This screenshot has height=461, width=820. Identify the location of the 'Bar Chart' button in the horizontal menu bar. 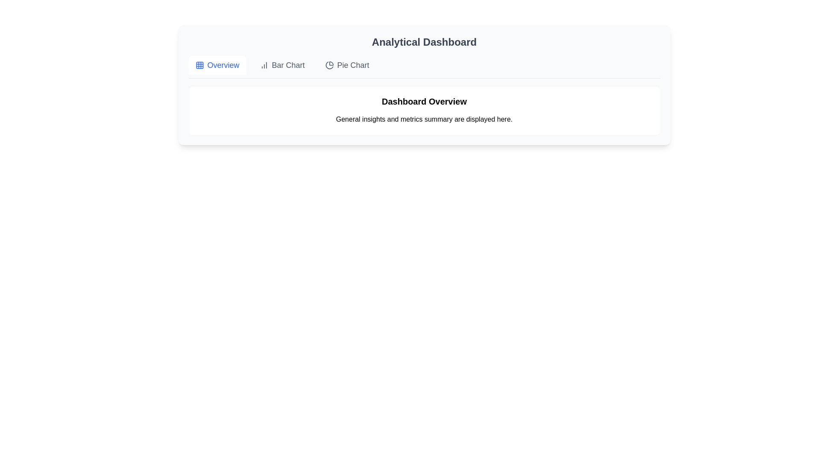
(282, 65).